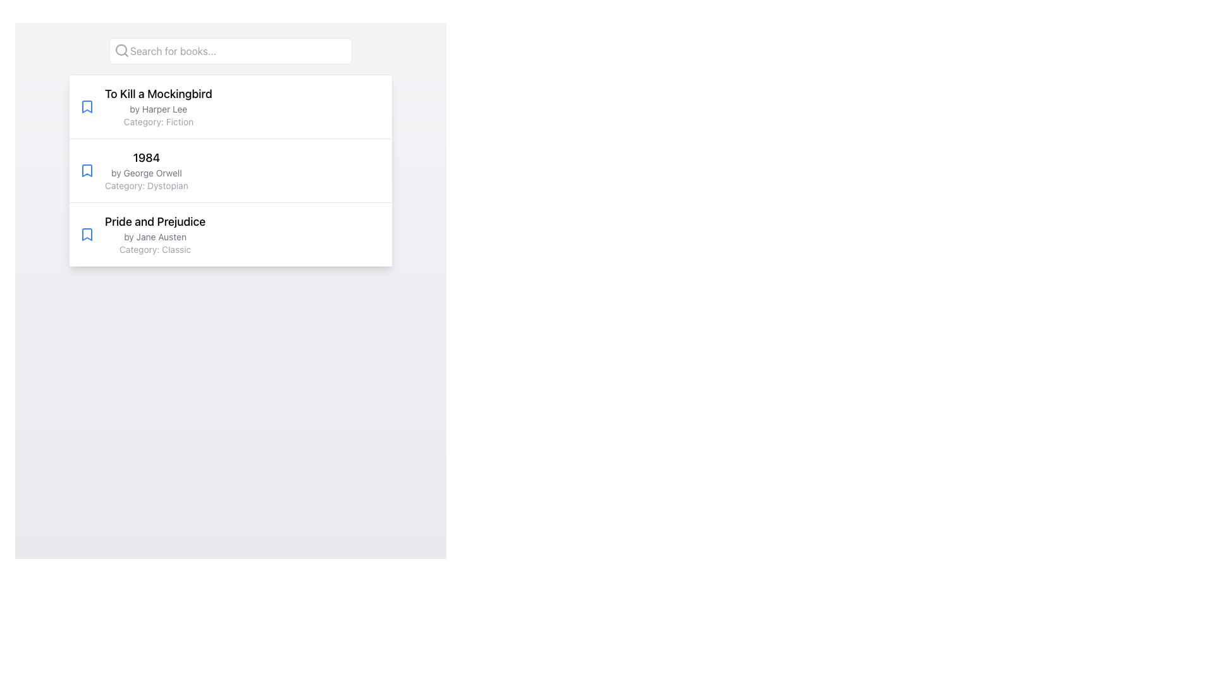  What do you see at coordinates (146, 173) in the screenshot?
I see `the text label that provides attribution for the author of the book '1984', which is positioned between the title '1984' and the category label 'Category: Dystopian'` at bounding box center [146, 173].